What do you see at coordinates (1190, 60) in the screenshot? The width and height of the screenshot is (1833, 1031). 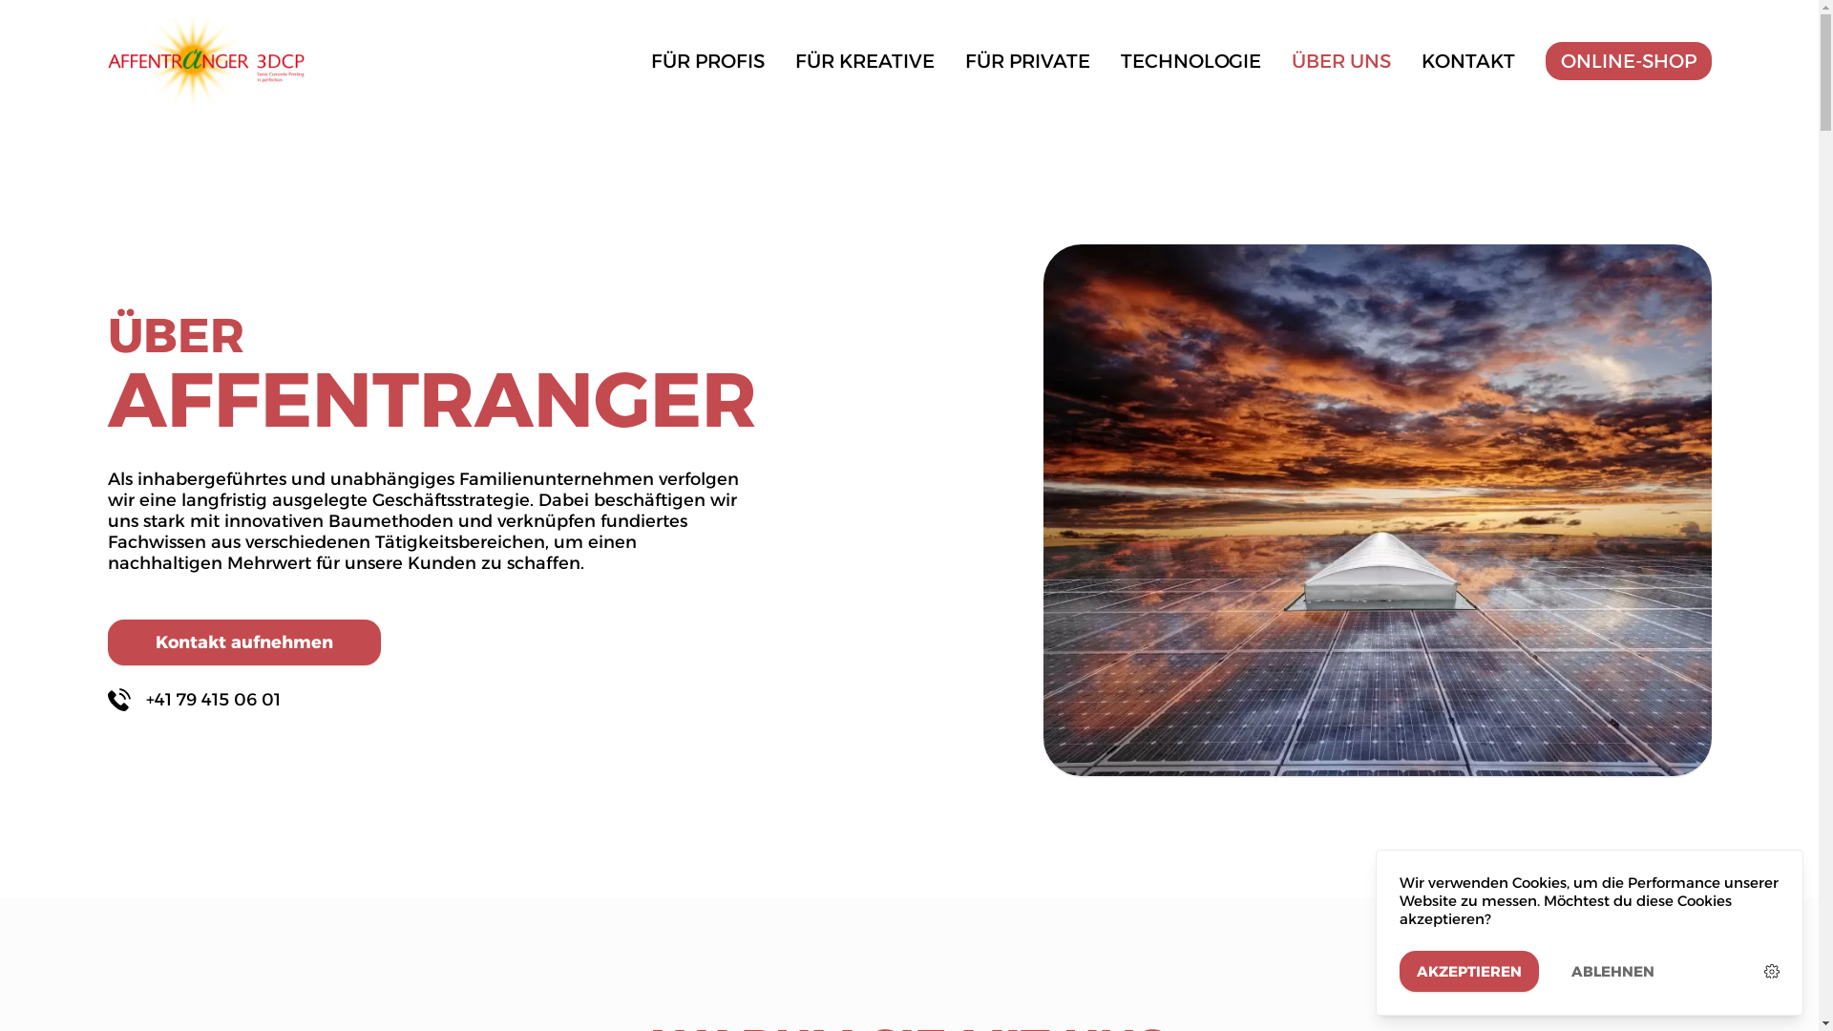 I see `'TECHNOLOGIE'` at bounding box center [1190, 60].